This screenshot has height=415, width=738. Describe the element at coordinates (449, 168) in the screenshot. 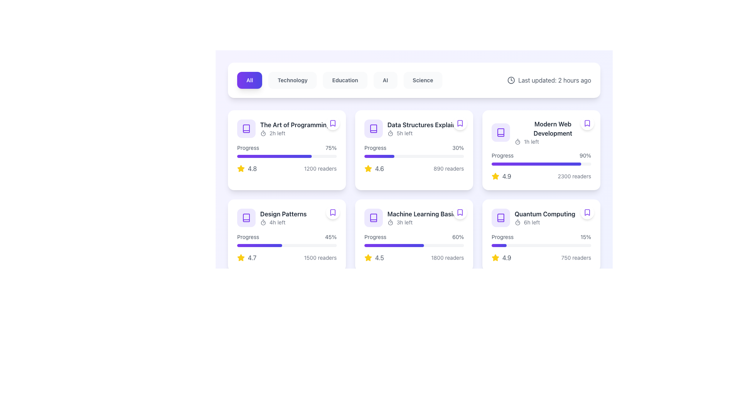

I see `information displayed in the text element located at the bottom of the 'Data Structures Explained' card, which indicates the number of readers for the associated topic` at that location.